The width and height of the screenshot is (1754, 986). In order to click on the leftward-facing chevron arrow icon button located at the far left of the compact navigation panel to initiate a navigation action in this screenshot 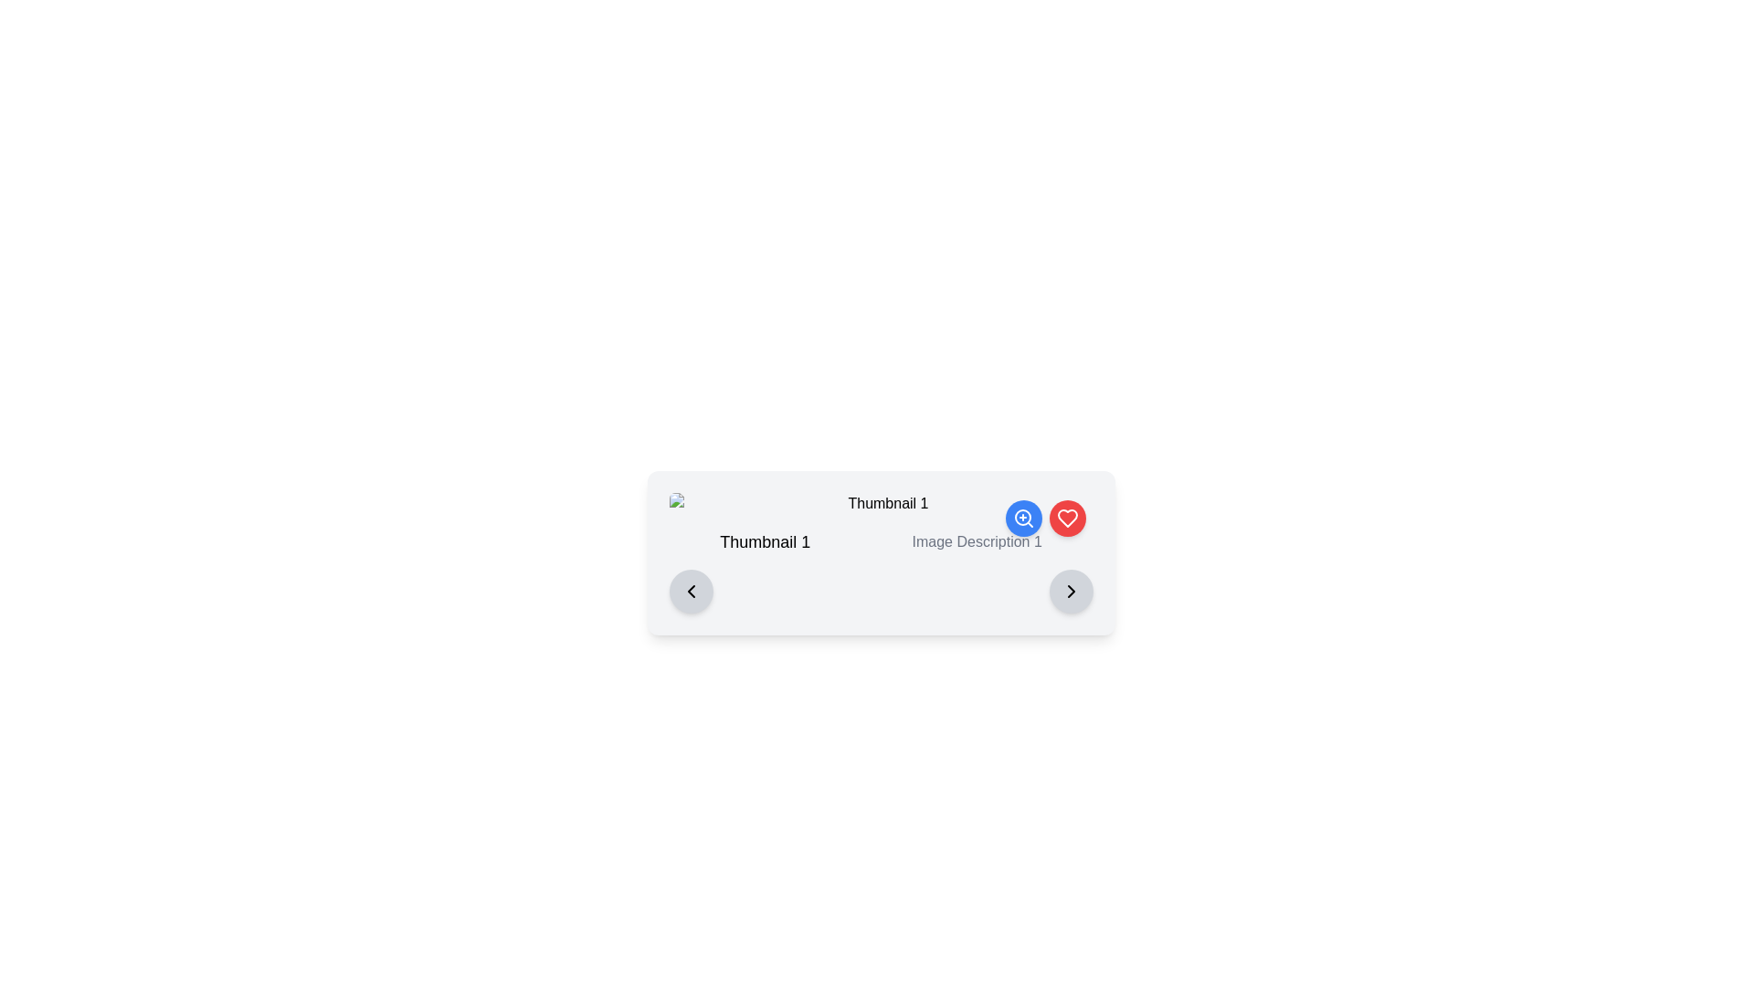, I will do `click(690, 592)`.